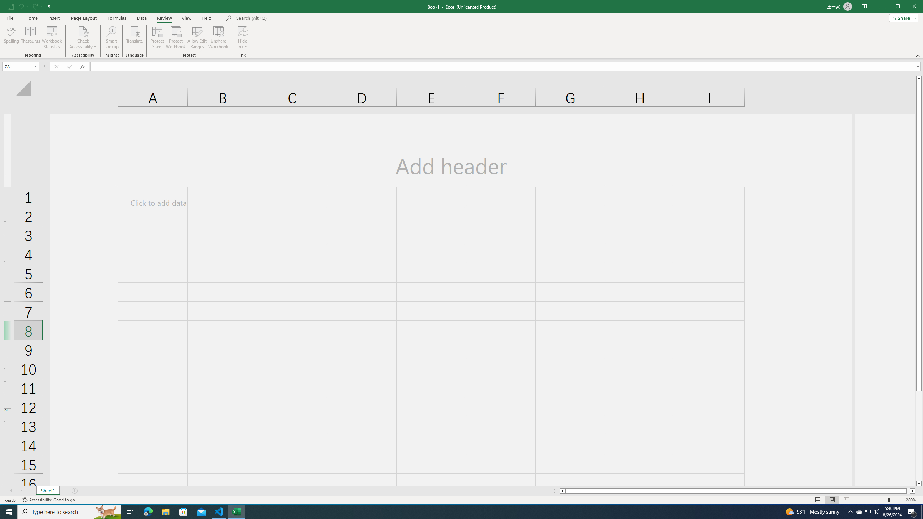  What do you see at coordinates (21, 66) in the screenshot?
I see `'Name Box'` at bounding box center [21, 66].